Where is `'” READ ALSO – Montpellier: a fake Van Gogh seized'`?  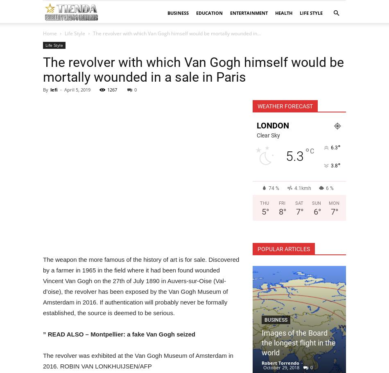 '” READ ALSO – Montpellier: a fake Van Gogh seized' is located at coordinates (118, 334).